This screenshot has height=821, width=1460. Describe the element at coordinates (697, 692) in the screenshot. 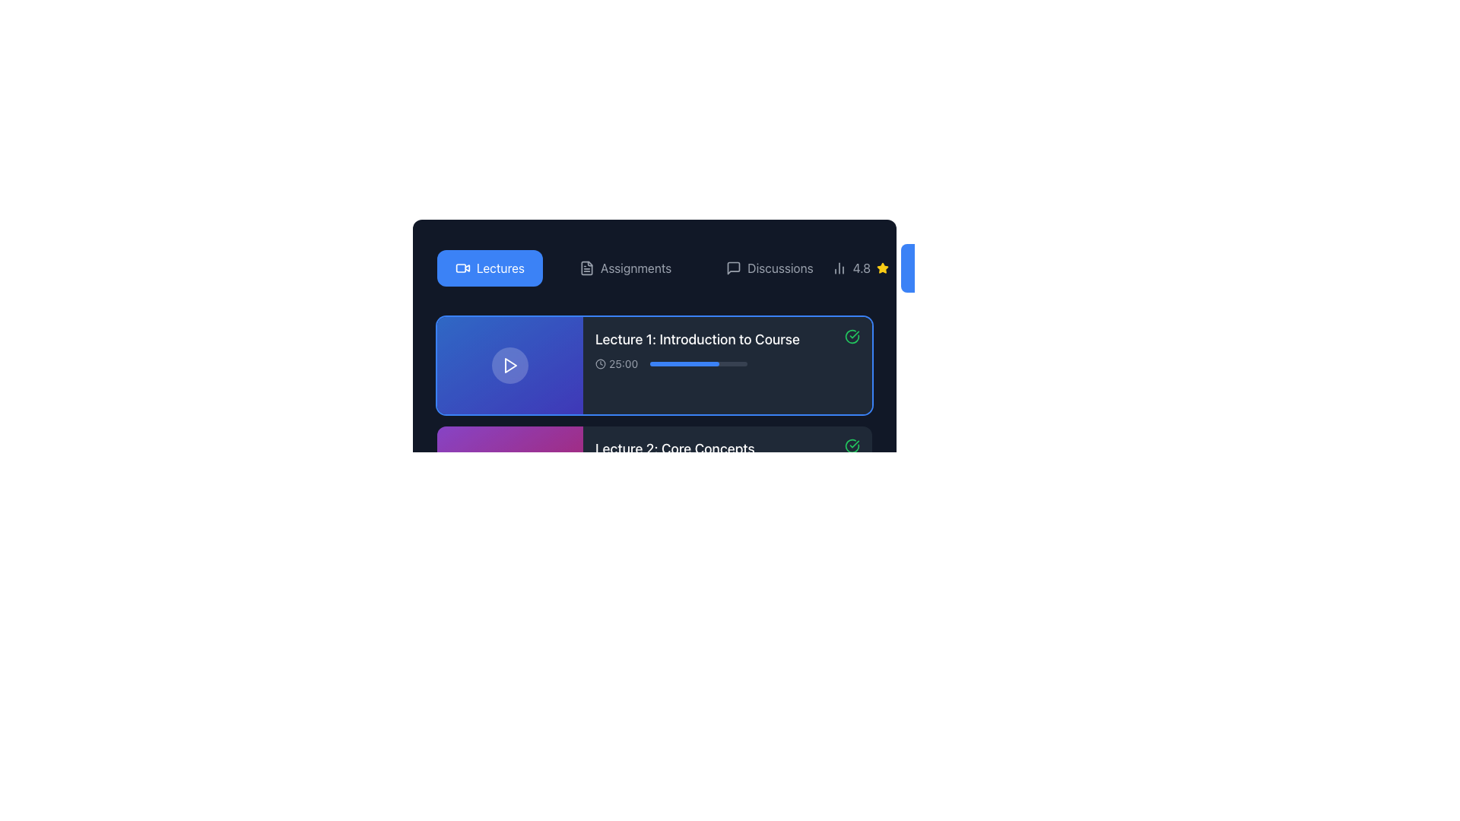

I see `the progress visually on the progress bar located below 'Lecture 1: Introduction to Course' and to the right of the timestamp '18:00'` at that location.